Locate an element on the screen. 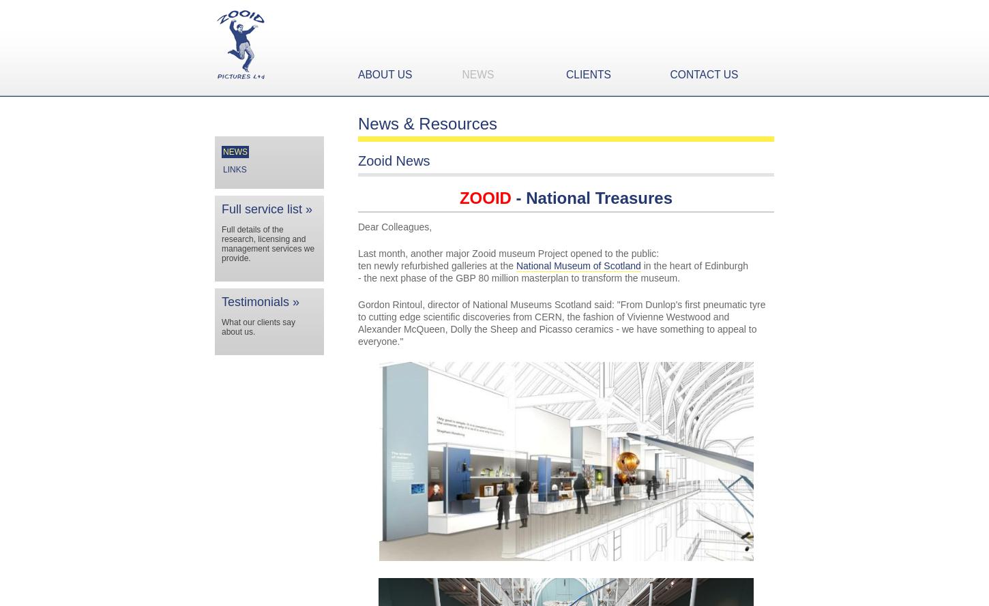 The width and height of the screenshot is (989, 606). 'National Museum of Scotland' is located at coordinates (577, 266).